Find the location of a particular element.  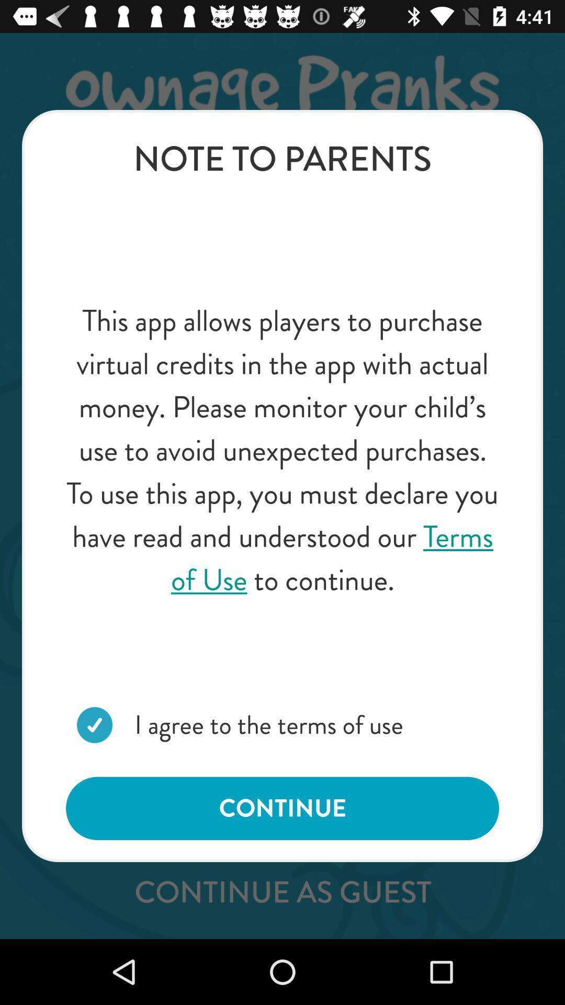

the this app allows is located at coordinates (282, 450).